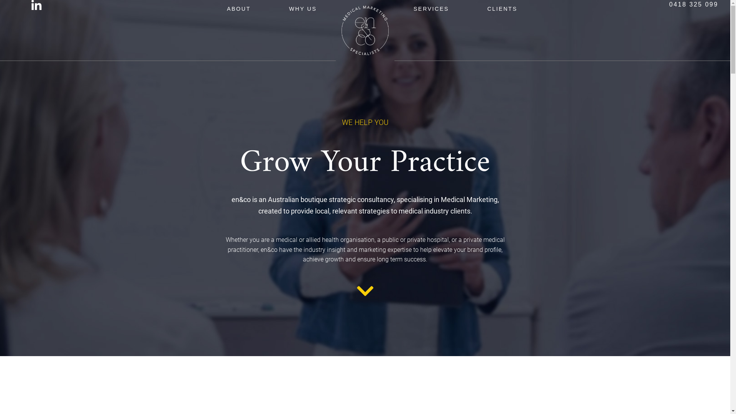 The width and height of the screenshot is (736, 414). I want to click on '0418 325 099', so click(693, 4).